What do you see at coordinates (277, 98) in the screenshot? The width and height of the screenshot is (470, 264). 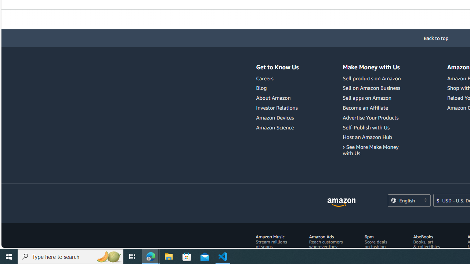 I see `'About Amazon'` at bounding box center [277, 98].